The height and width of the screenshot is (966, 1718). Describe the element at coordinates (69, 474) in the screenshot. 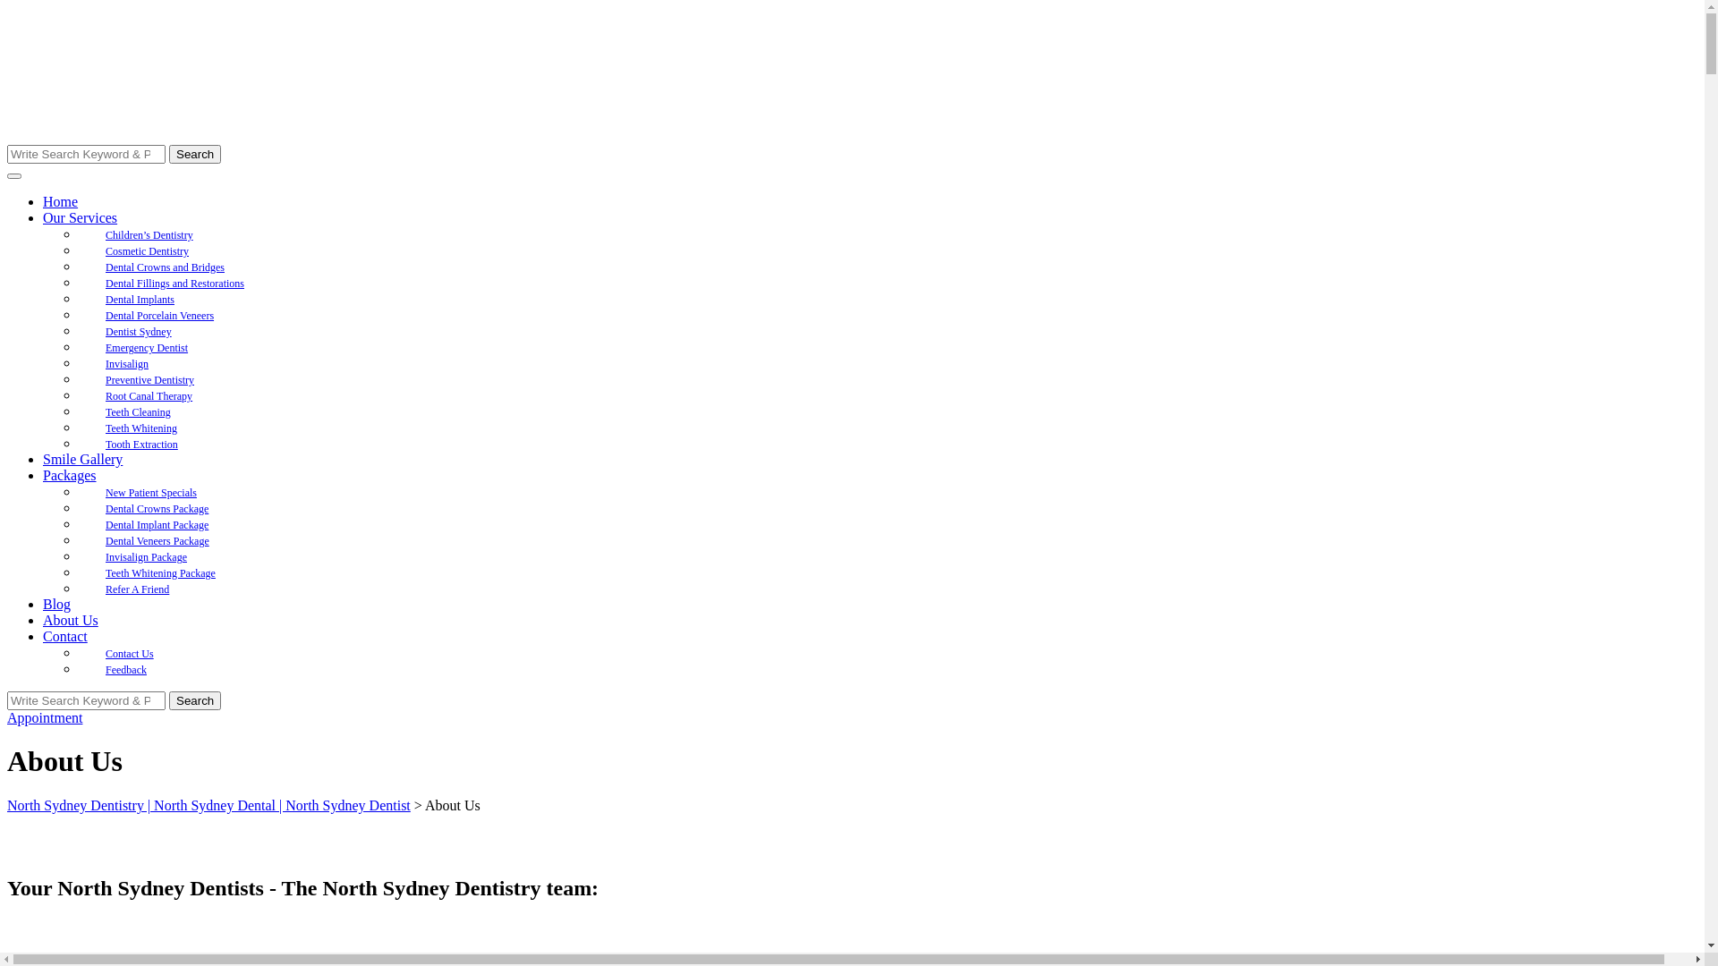

I see `'Packages'` at that location.